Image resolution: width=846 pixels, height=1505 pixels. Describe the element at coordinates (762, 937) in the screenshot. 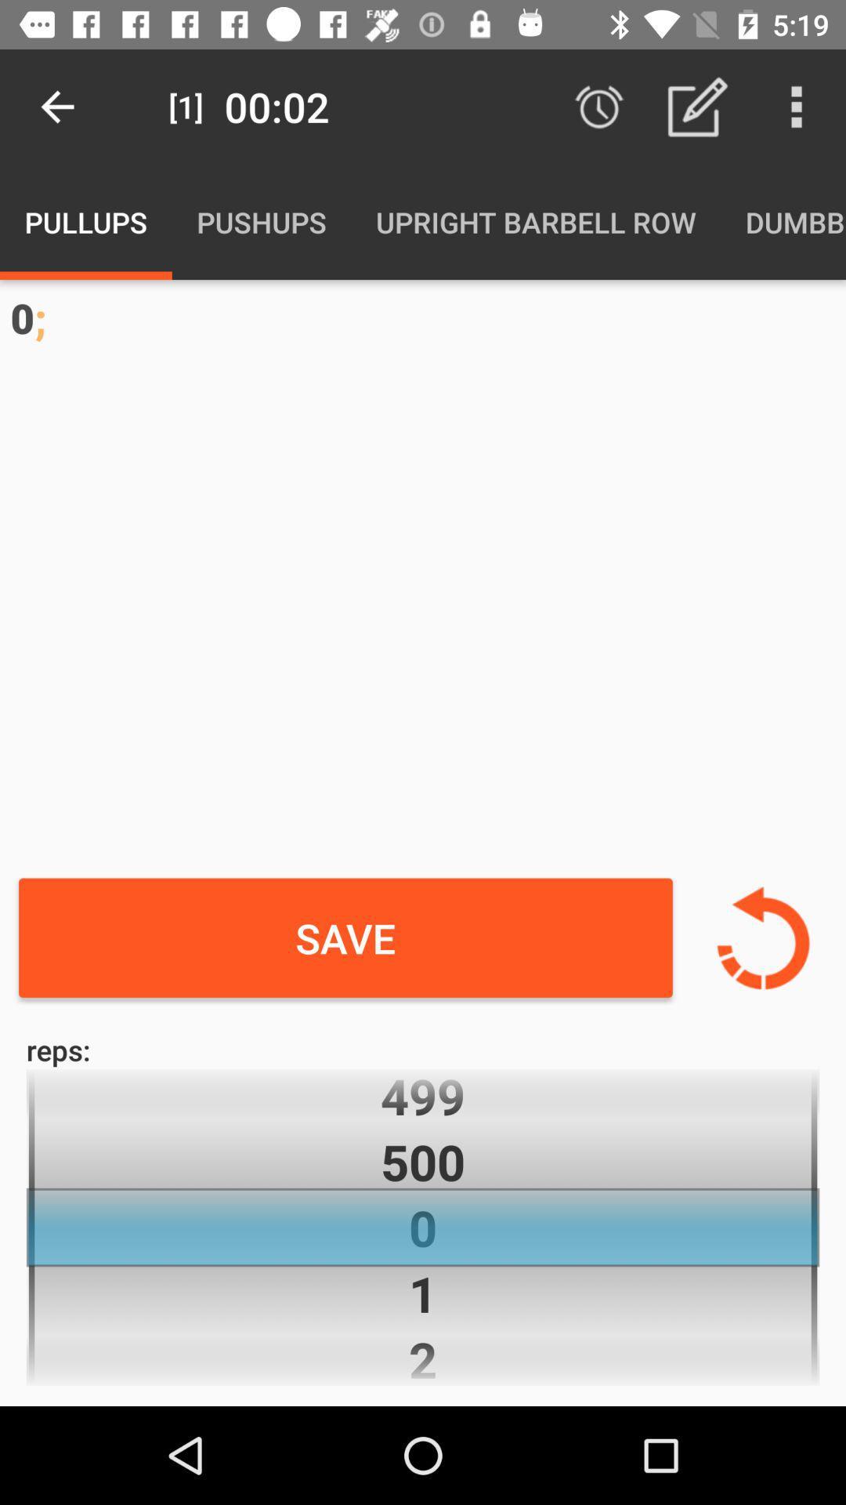

I see `the undo icon` at that location.